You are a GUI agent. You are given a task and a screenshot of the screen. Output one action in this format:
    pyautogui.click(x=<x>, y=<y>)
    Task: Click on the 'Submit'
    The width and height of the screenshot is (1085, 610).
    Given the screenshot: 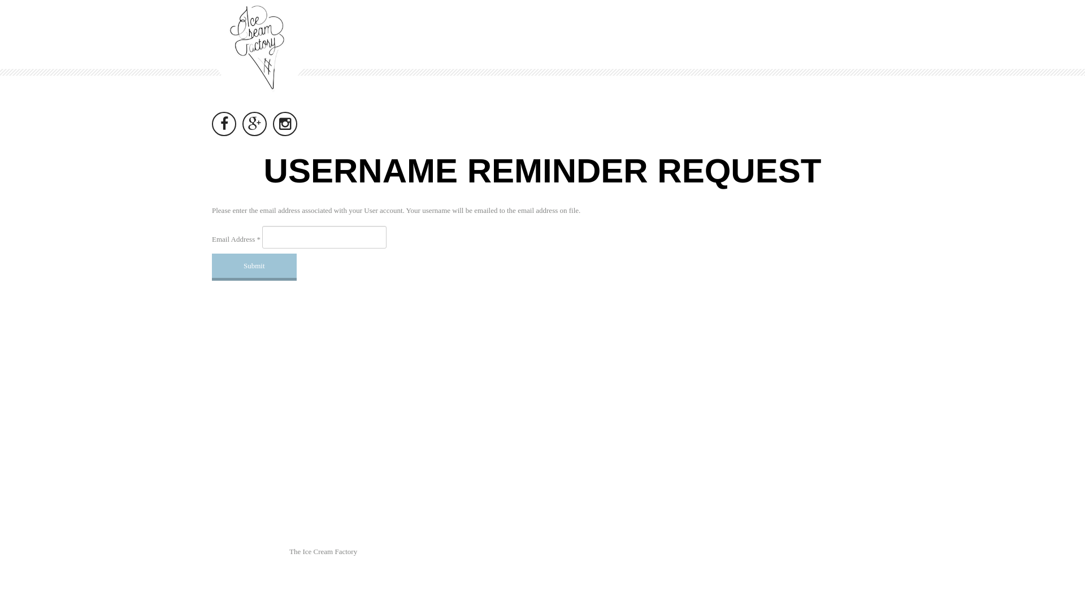 What is the action you would take?
    pyautogui.click(x=254, y=267)
    